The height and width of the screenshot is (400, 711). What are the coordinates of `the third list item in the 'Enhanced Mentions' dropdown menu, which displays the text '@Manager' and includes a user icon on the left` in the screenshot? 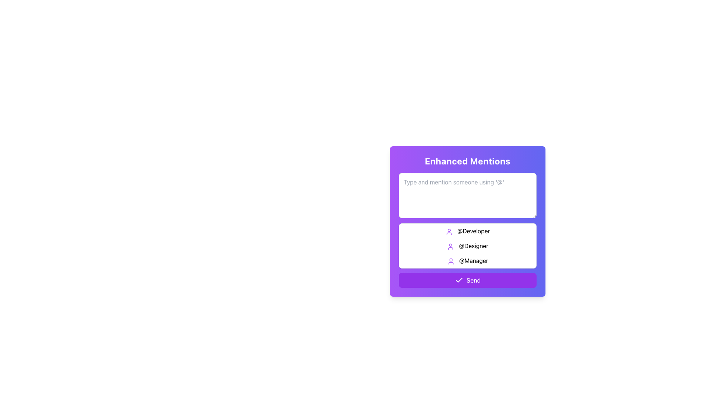 It's located at (467, 260).